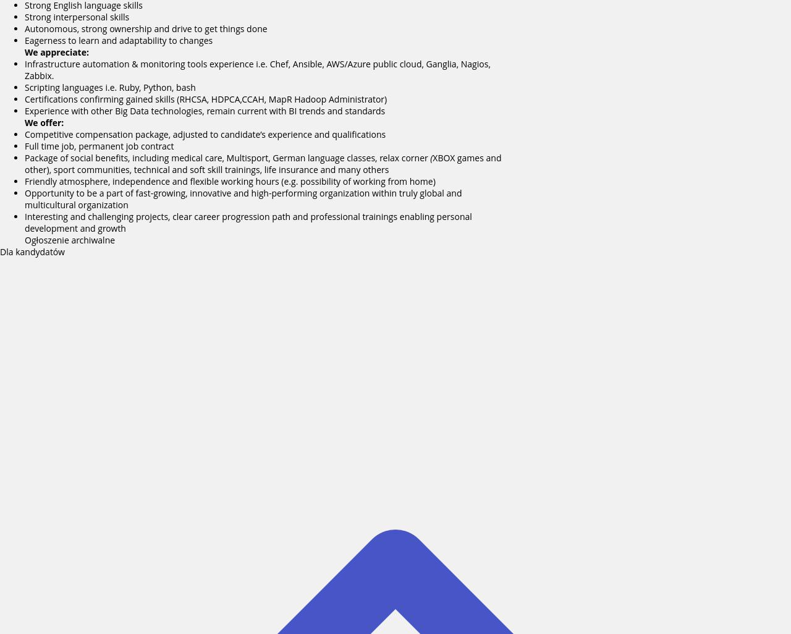  Describe the element at coordinates (32, 251) in the screenshot. I see `'Dla kandydatów'` at that location.